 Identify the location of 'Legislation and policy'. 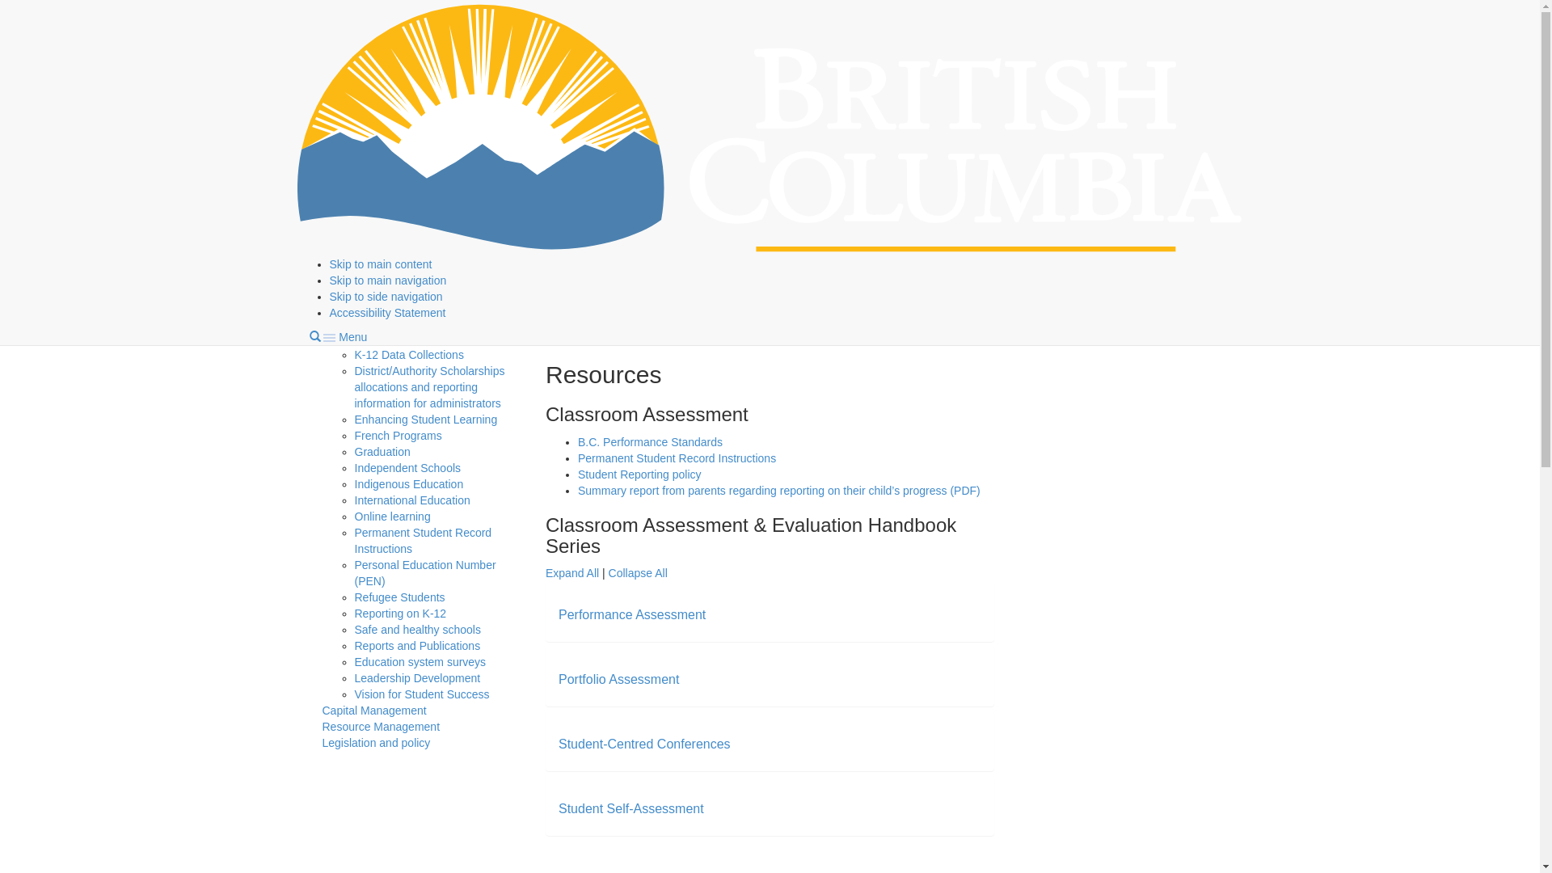
(375, 742).